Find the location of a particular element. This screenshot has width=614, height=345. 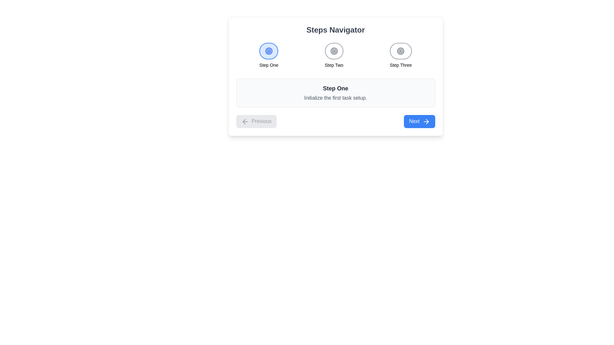

the informational card that provides details about the first step in the process, located under the 'Steps Navigator' section is located at coordinates (335, 93).